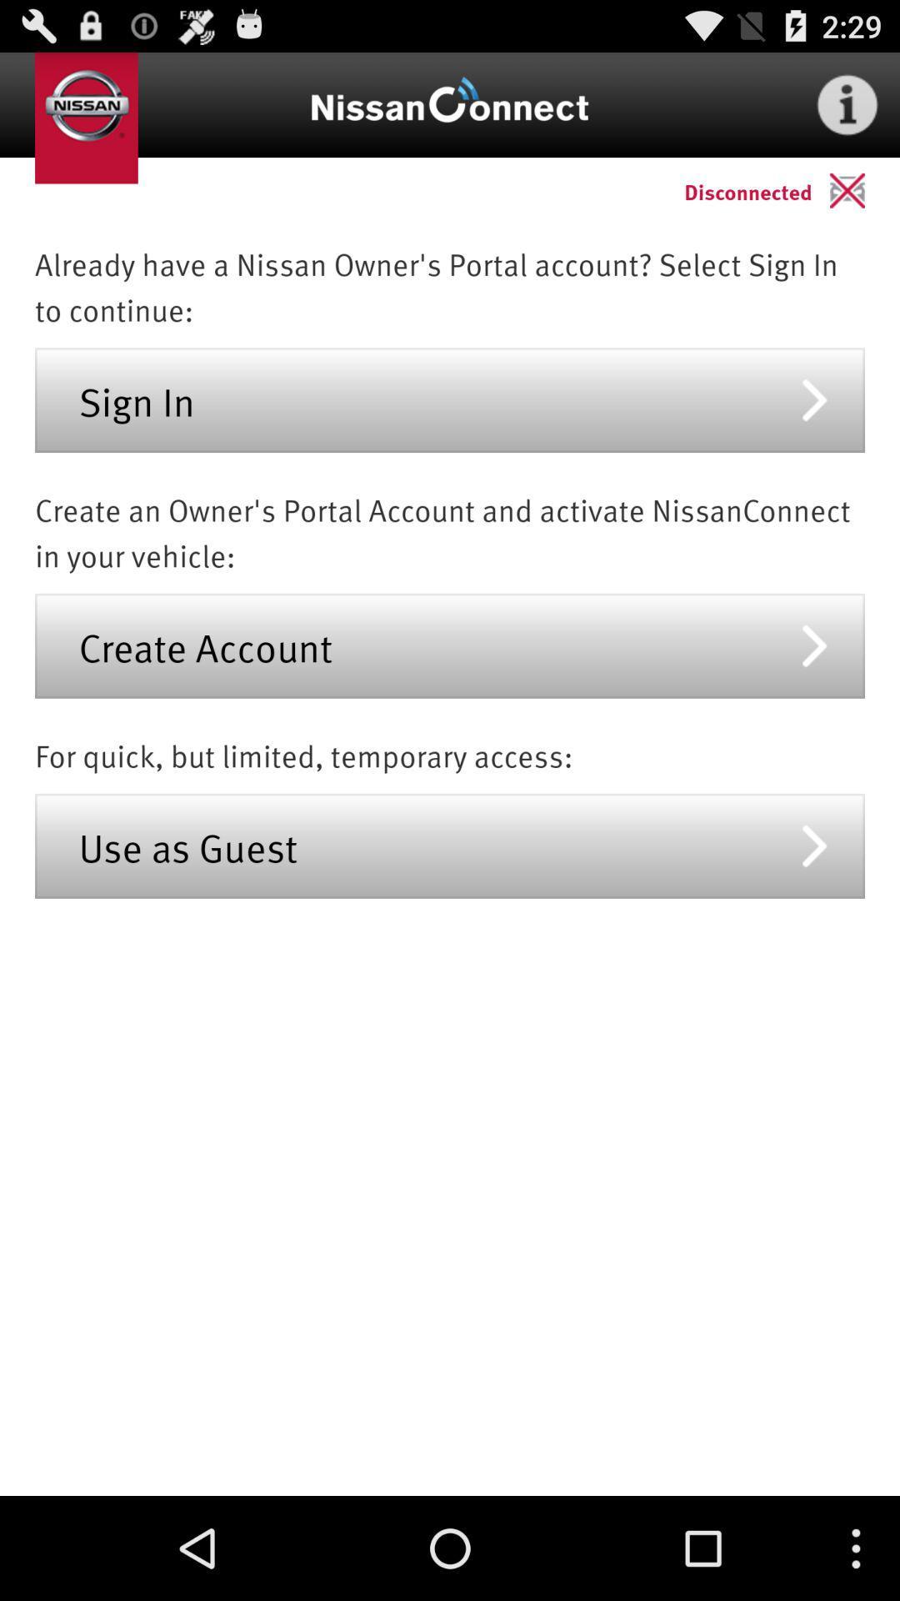 Image resolution: width=900 pixels, height=1601 pixels. Describe the element at coordinates (863, 190) in the screenshot. I see `the cancel bar` at that location.